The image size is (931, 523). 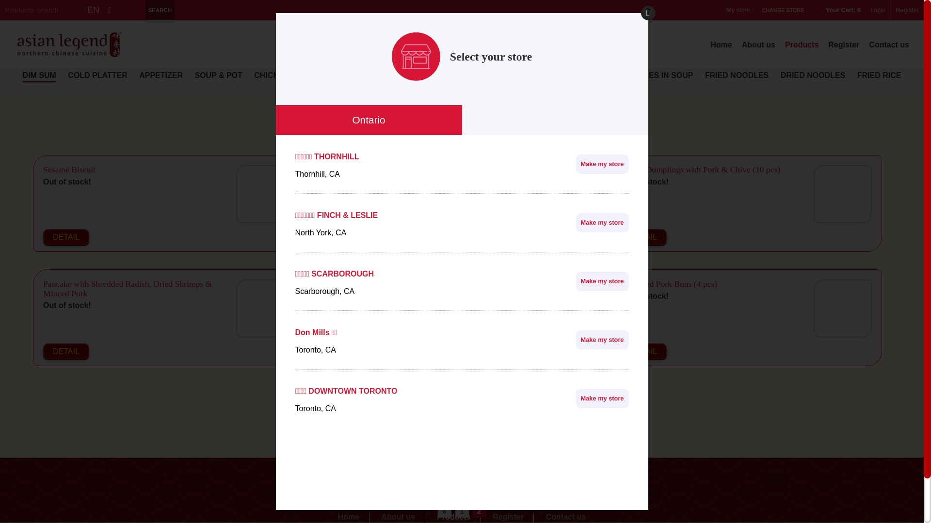 What do you see at coordinates (39, 75) in the screenshot?
I see `'DIM SUM'` at bounding box center [39, 75].